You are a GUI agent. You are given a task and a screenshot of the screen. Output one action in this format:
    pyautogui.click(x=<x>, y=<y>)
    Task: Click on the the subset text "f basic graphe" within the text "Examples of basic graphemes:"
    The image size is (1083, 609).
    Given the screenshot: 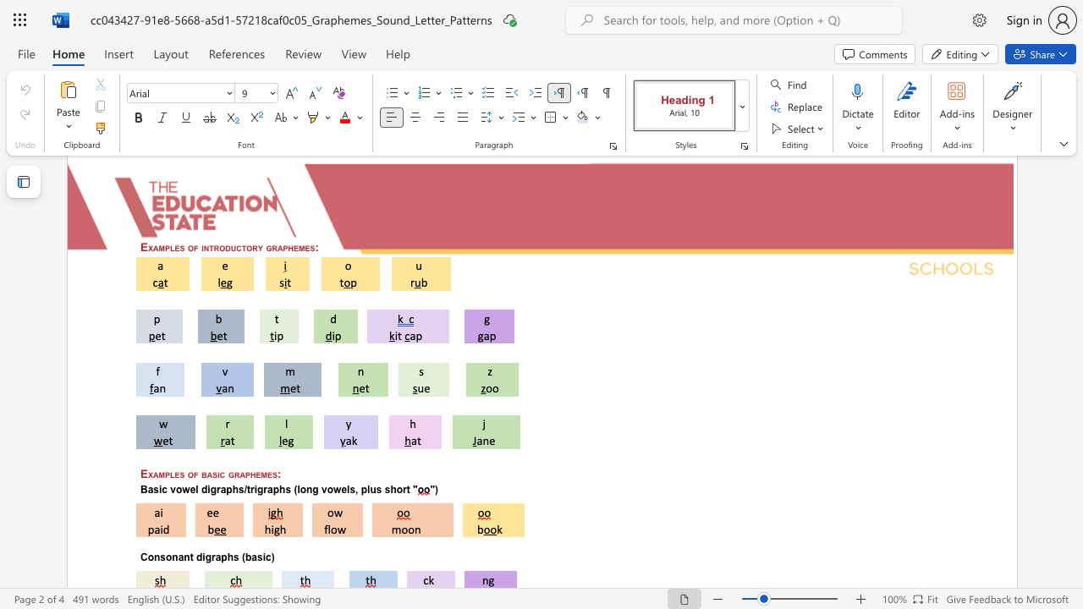 What is the action you would take?
    pyautogui.click(x=194, y=474)
    